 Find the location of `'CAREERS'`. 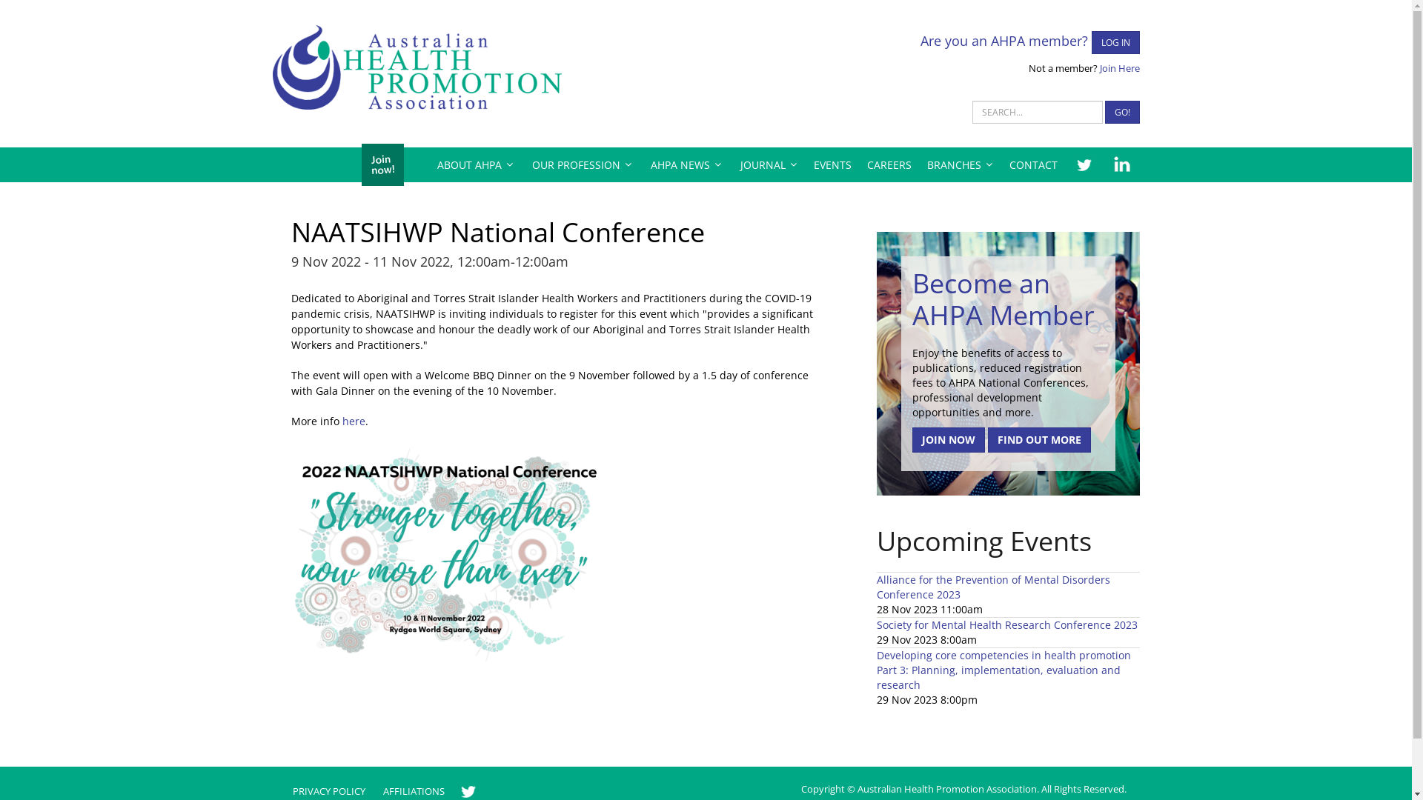

'CAREERS' is located at coordinates (889, 164).